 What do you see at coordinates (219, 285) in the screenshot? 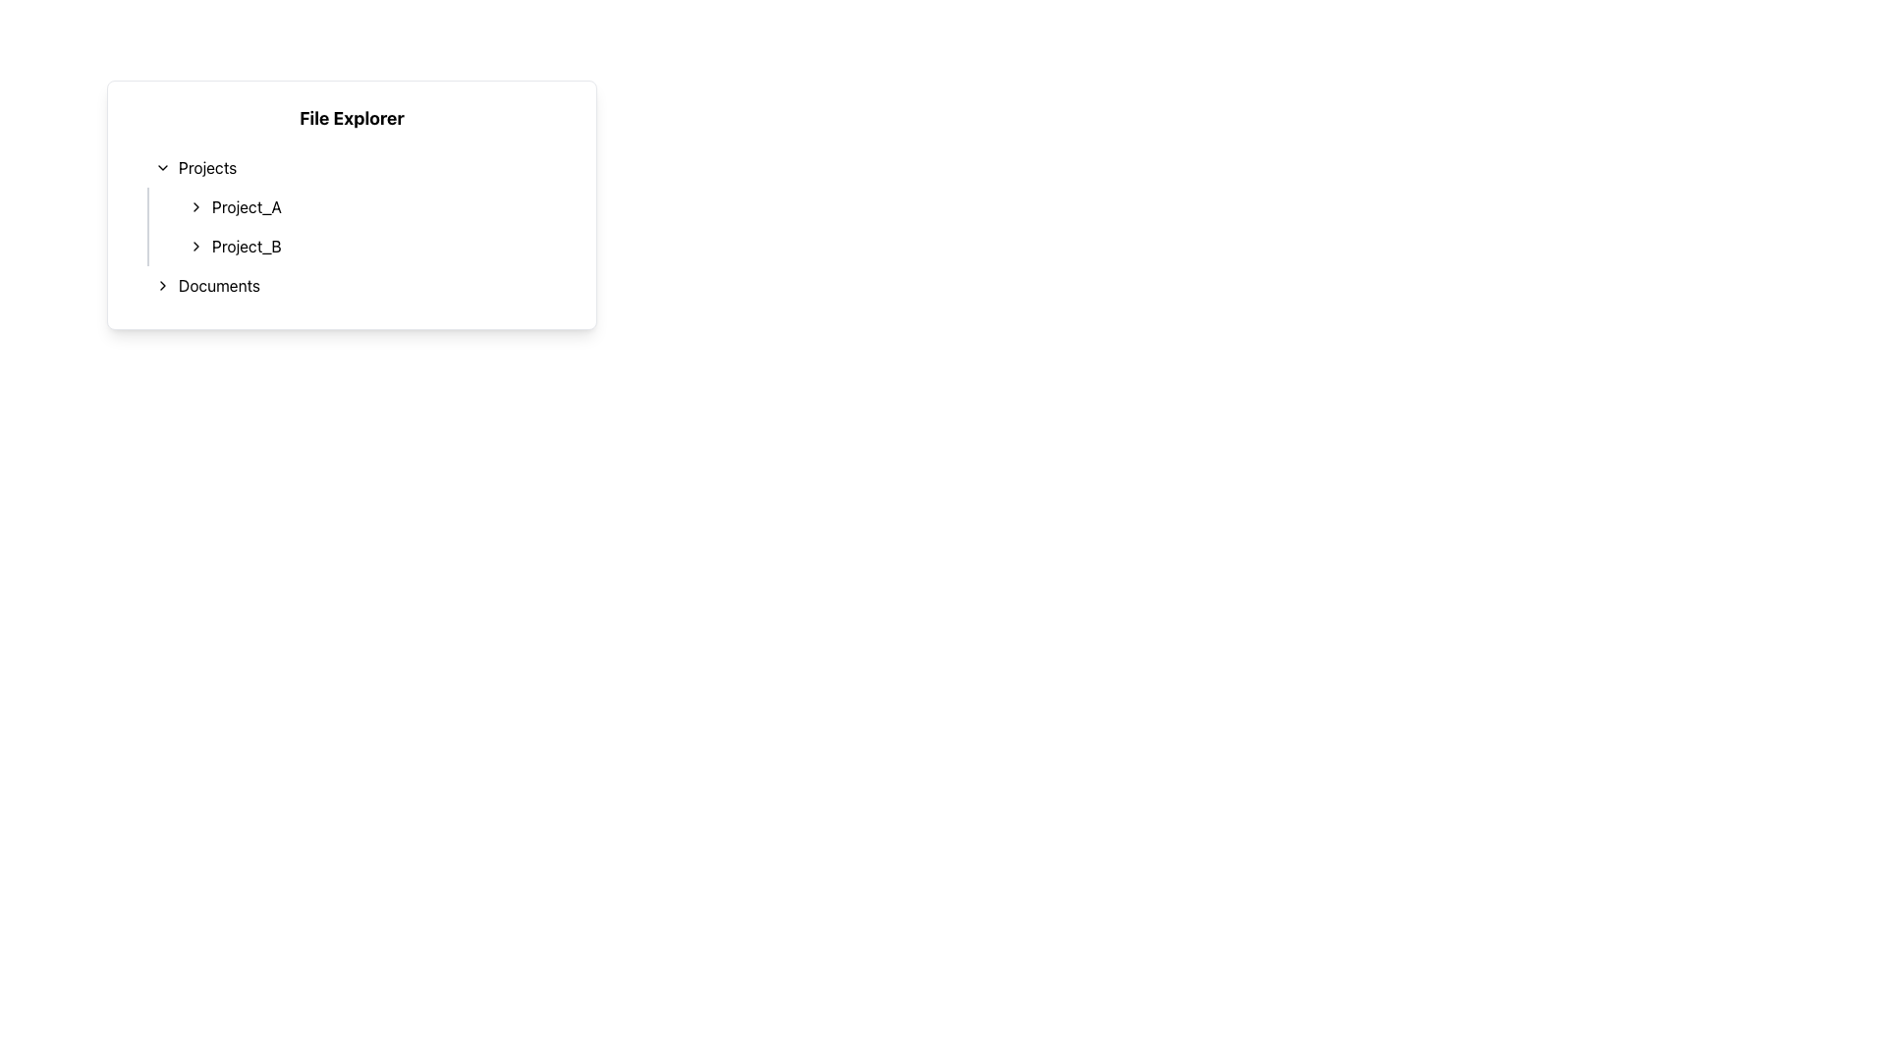
I see `the 'Documents' text label in the navigation tree structure` at bounding box center [219, 285].